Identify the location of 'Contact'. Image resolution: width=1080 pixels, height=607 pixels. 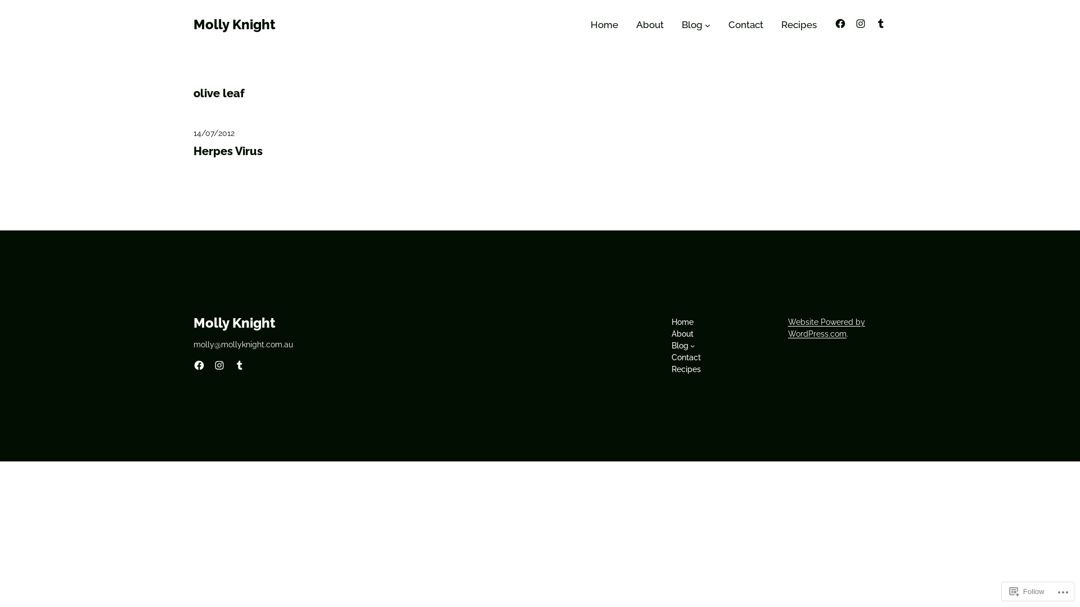
(685, 357).